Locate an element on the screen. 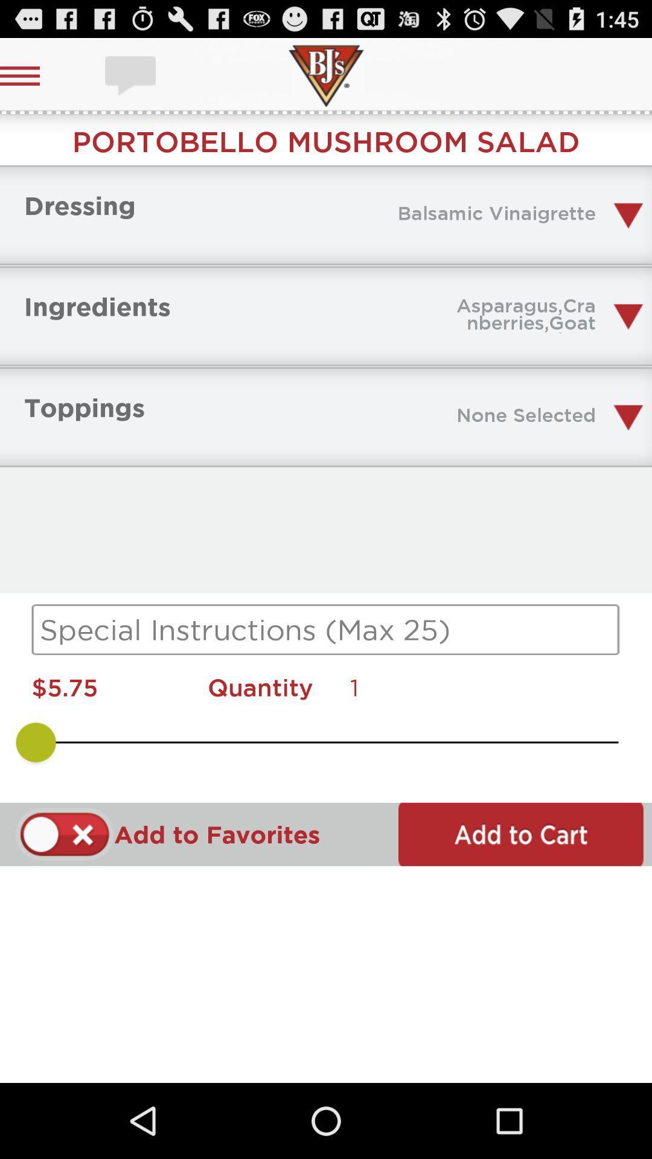 The image size is (652, 1159). the option beside add to favorites is located at coordinates (65, 834).